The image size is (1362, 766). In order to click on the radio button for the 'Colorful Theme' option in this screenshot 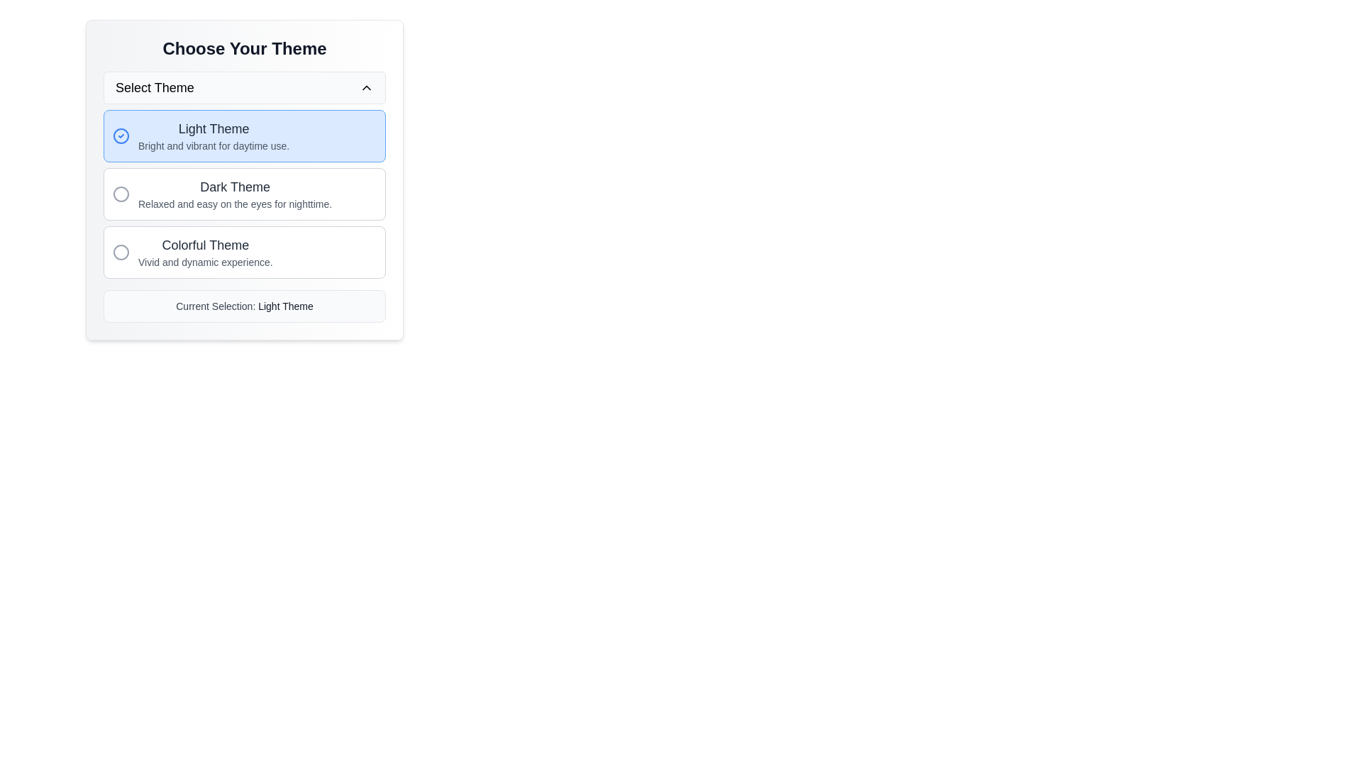, I will do `click(121, 251)`.